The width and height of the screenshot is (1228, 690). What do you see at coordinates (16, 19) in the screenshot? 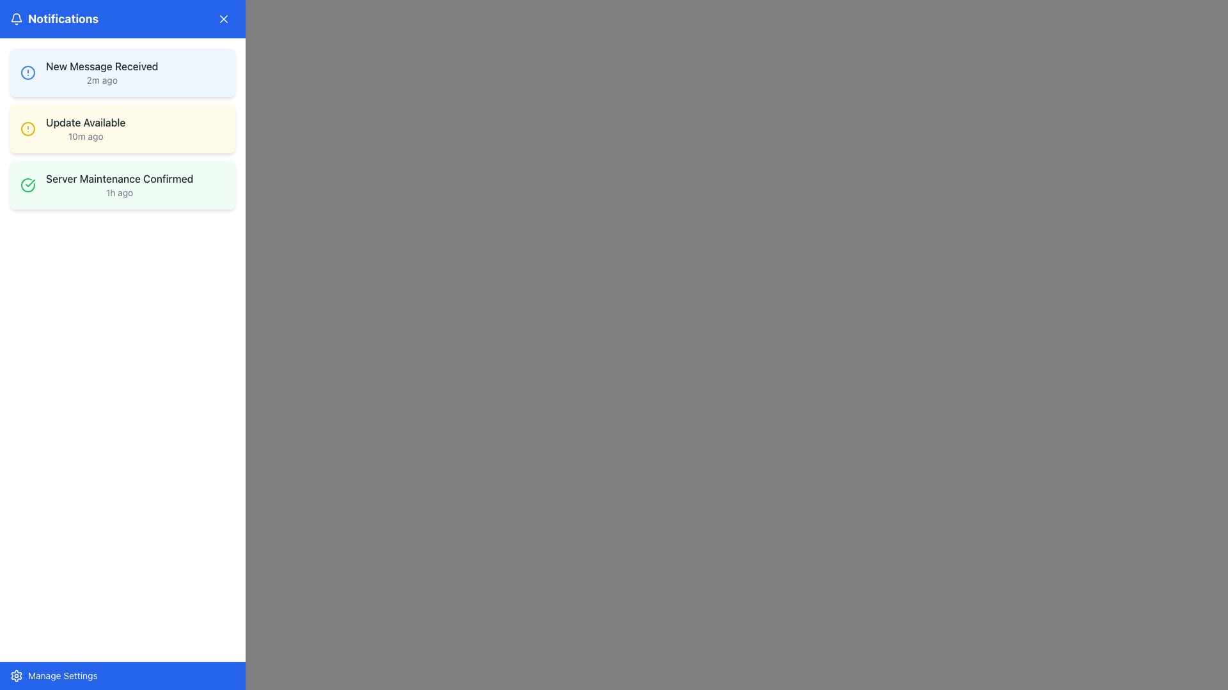
I see `the bell icon representing notifications, located to the left of the 'Notifications' text in the sidebar header` at bounding box center [16, 19].